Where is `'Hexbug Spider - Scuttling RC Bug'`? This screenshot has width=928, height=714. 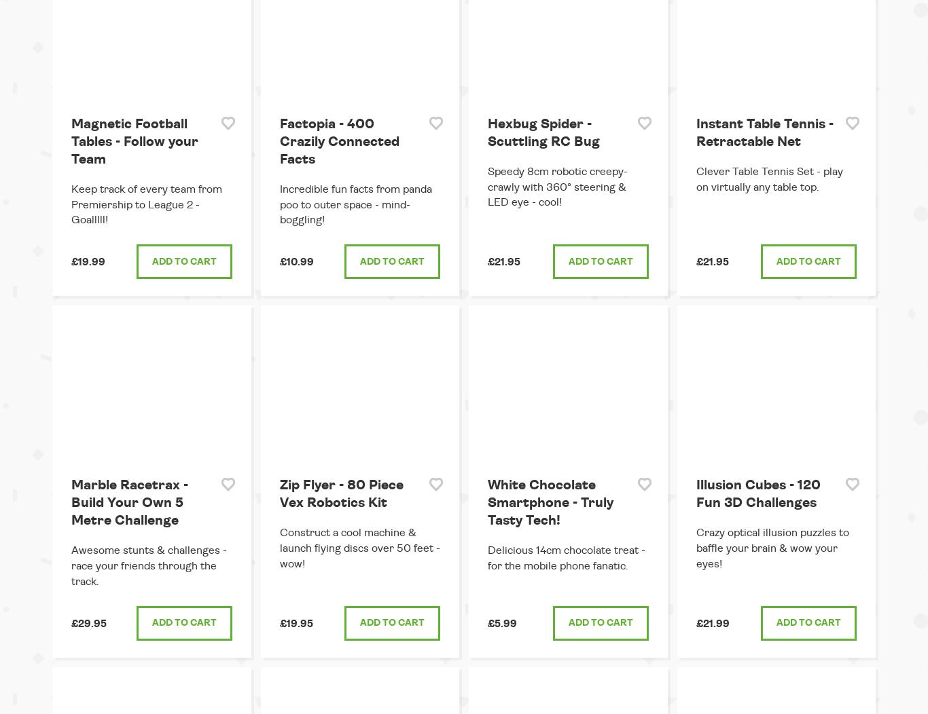
'Hexbug Spider - Scuttling RC Bug' is located at coordinates (487, 132).